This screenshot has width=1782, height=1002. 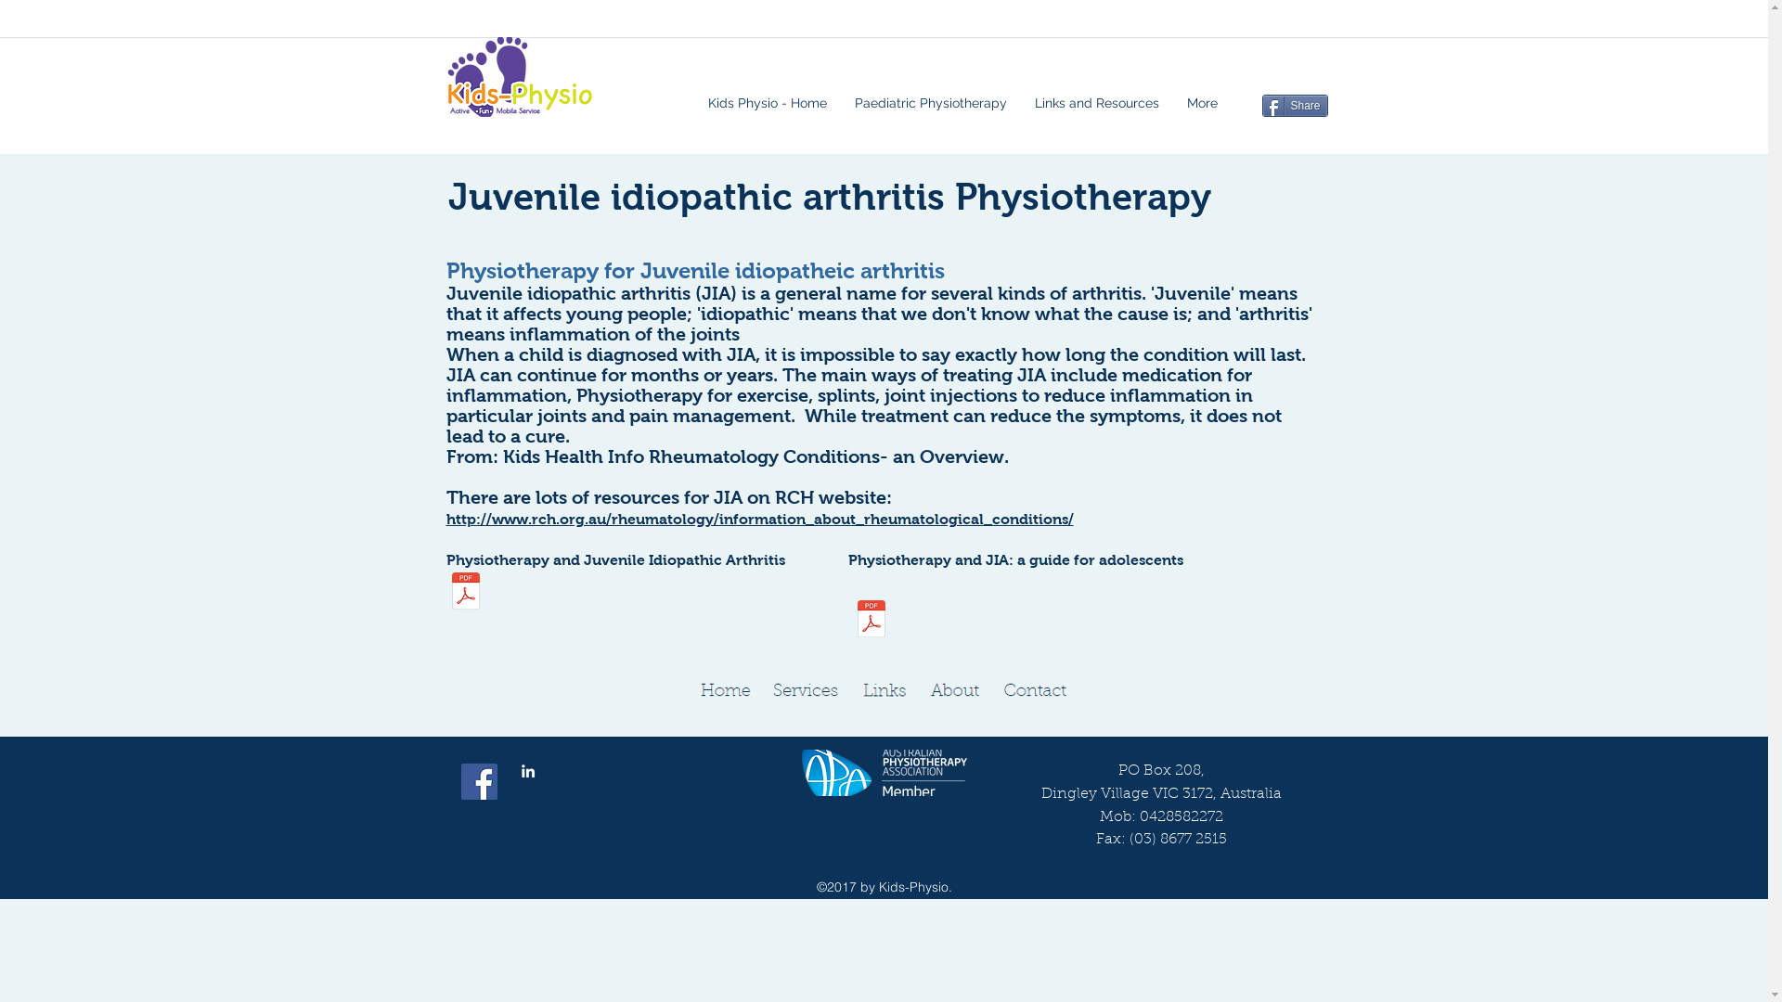 I want to click on 'Kids Physio - Home', so click(x=767, y=103).